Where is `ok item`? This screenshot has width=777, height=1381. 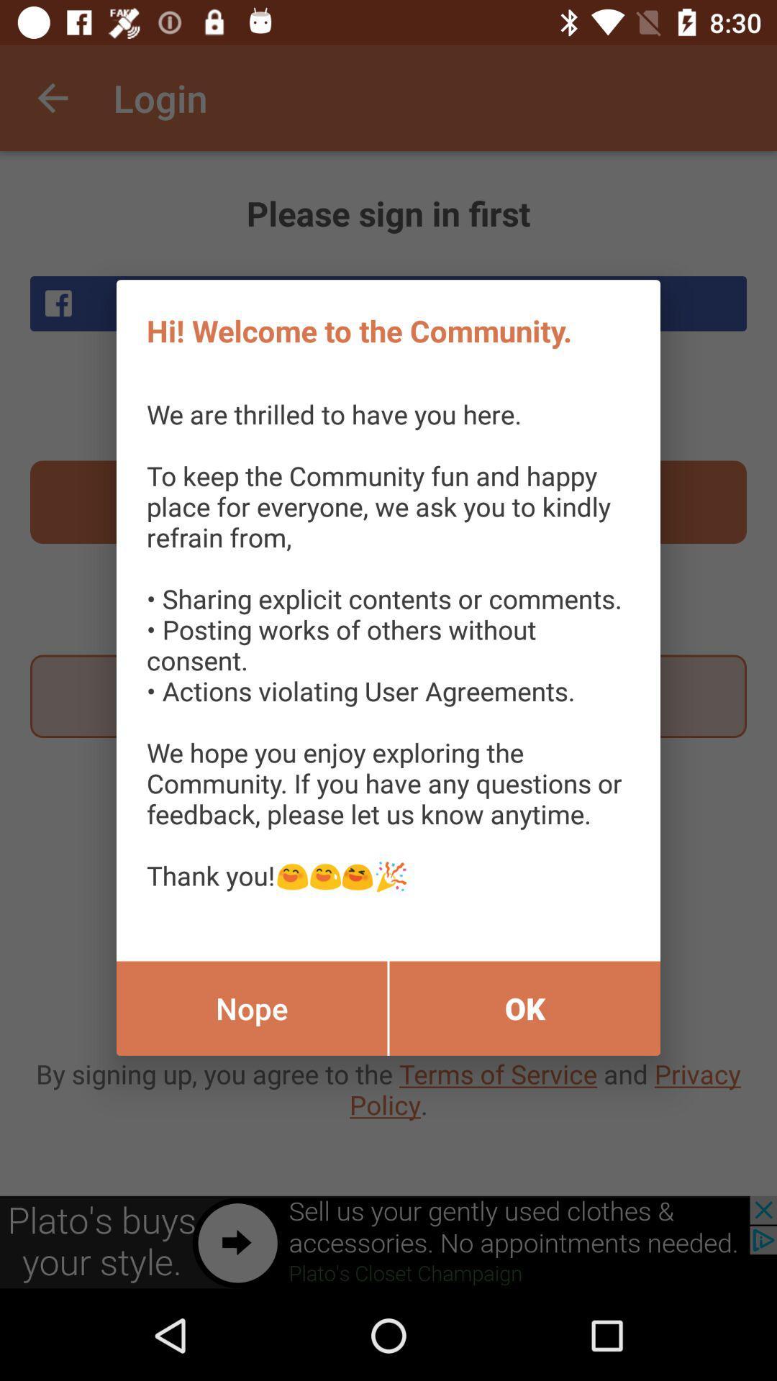 ok item is located at coordinates (524, 1008).